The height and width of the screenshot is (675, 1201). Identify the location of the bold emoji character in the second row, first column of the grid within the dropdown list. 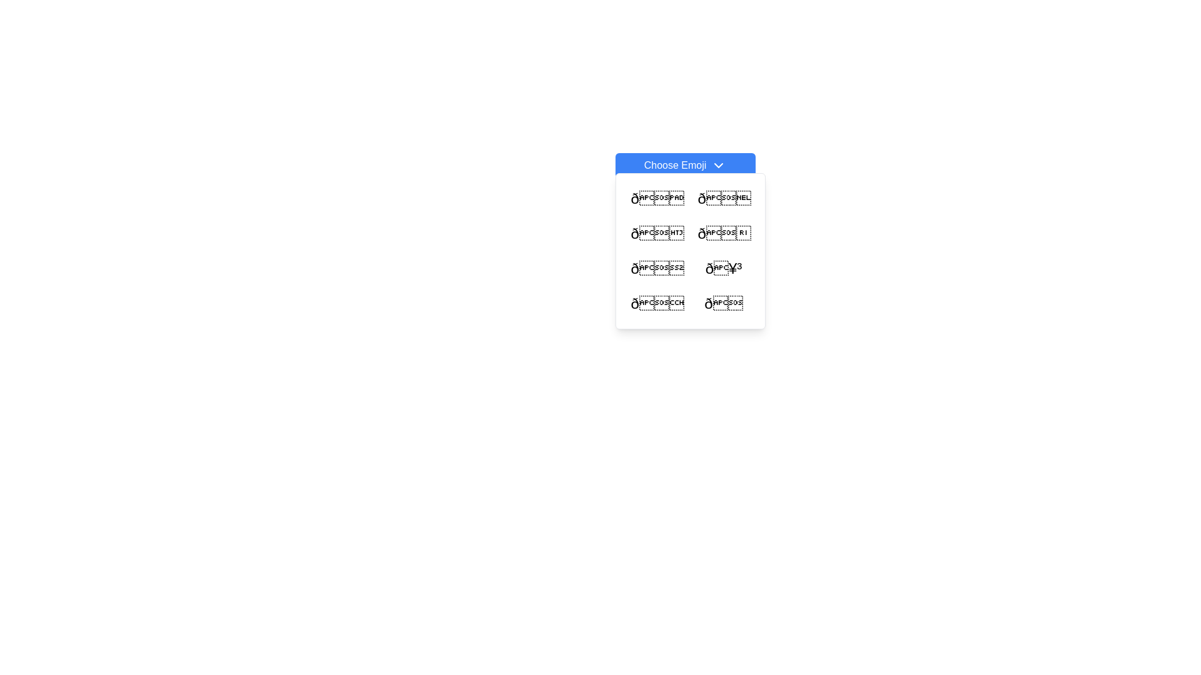
(656, 234).